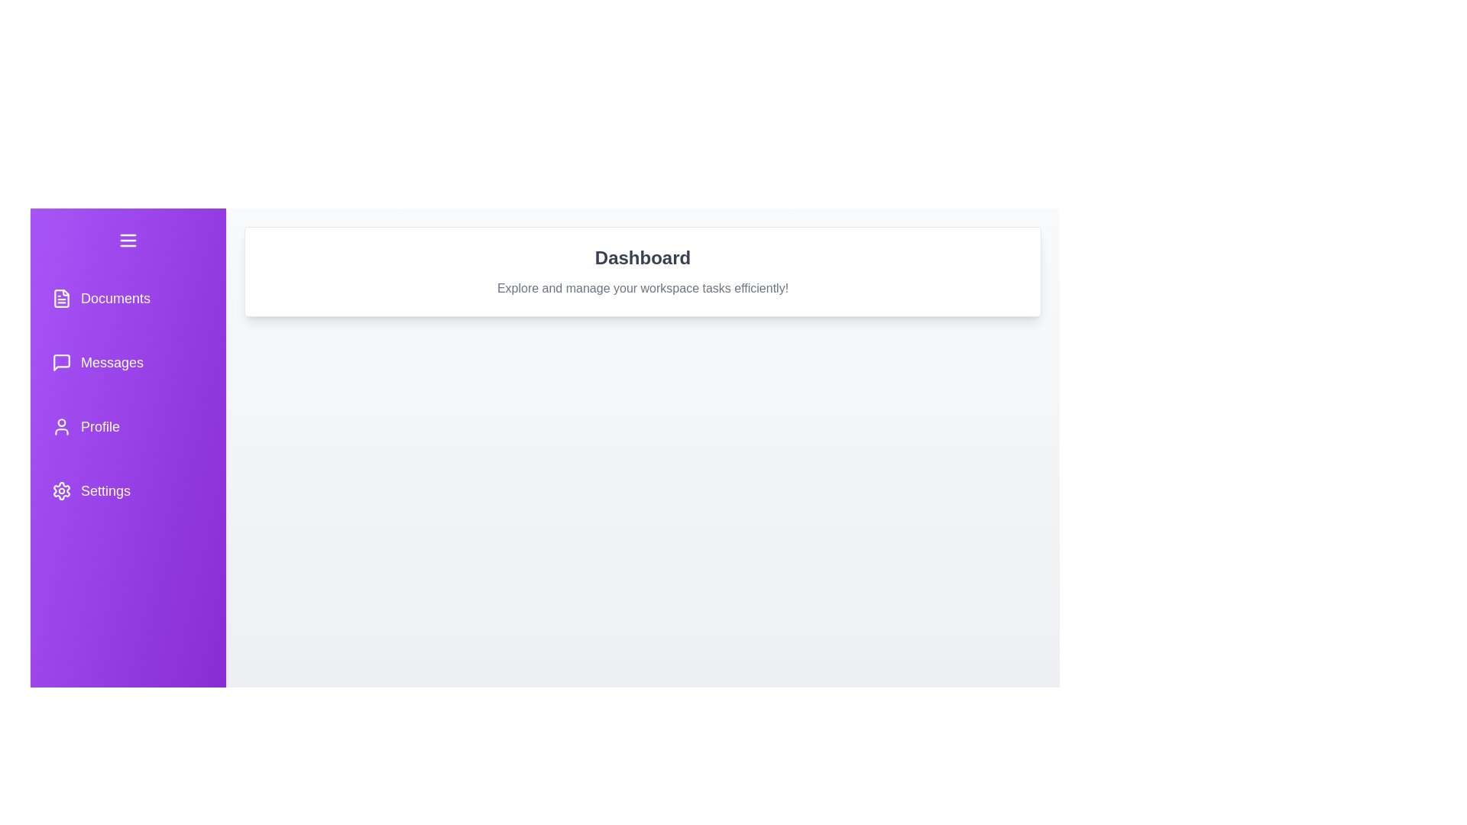 The image size is (1467, 825). Describe the element at coordinates (643, 621) in the screenshot. I see `the main content area of the dashboard to simulate user interaction` at that location.